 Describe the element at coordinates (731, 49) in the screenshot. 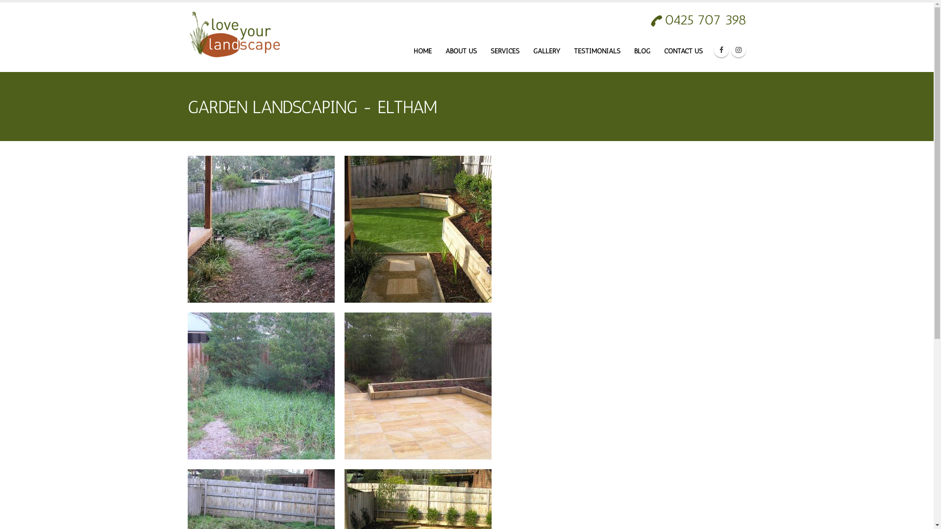

I see `'Instagram'` at that location.